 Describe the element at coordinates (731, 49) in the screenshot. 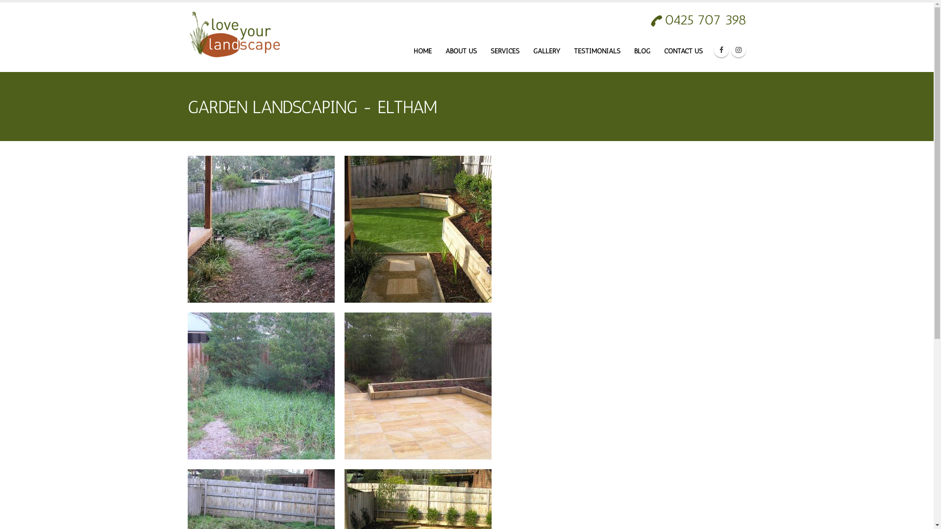

I see `'Instagram'` at that location.